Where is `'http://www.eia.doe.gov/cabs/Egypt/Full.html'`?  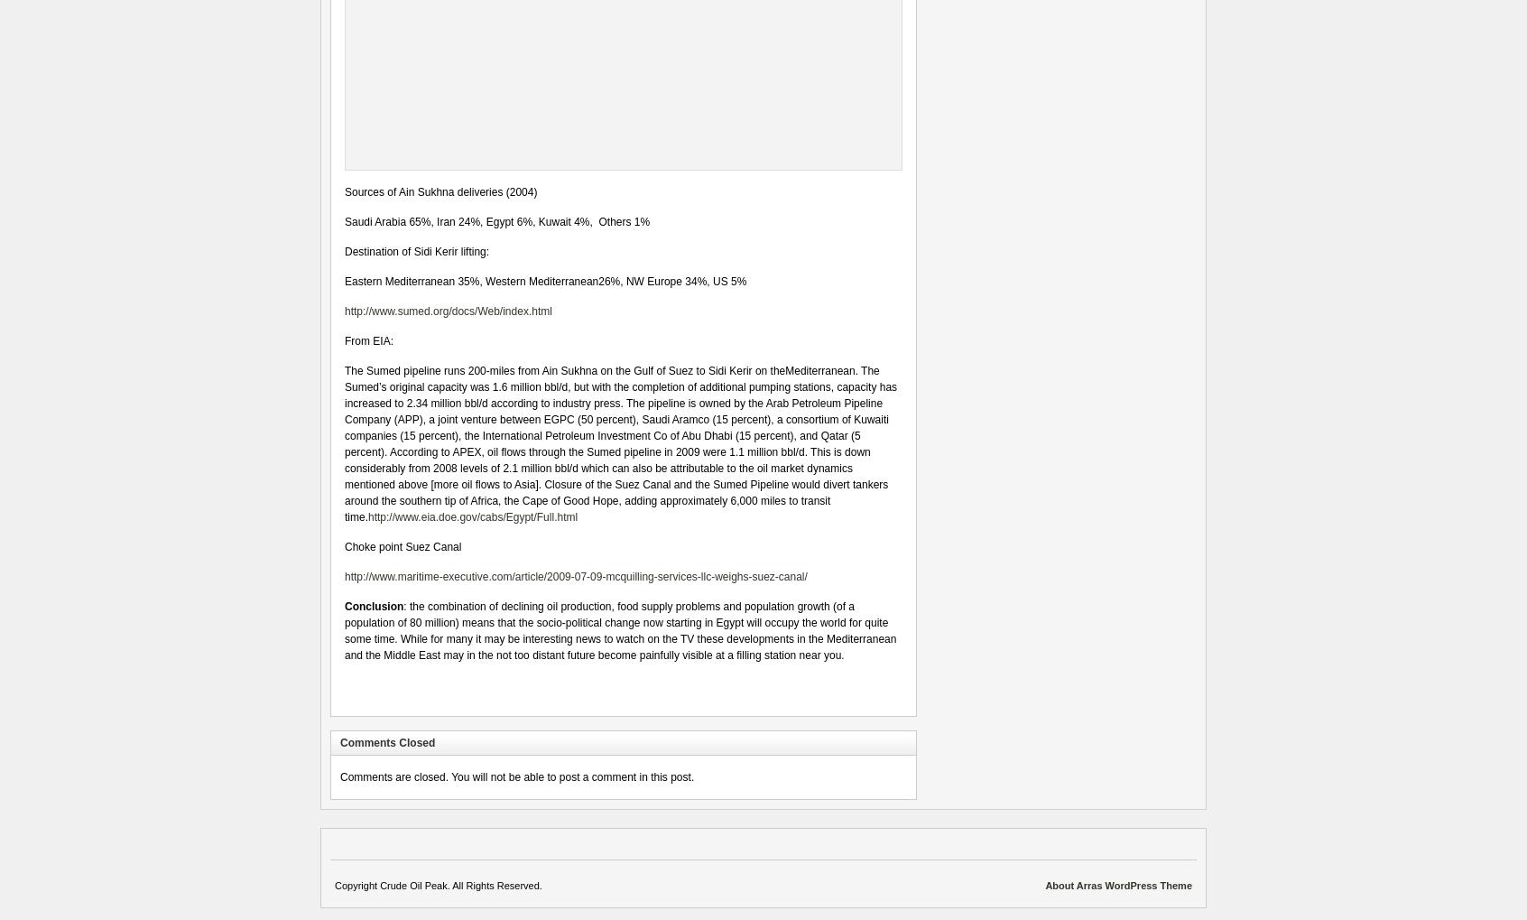
'http://www.eia.doe.gov/cabs/Egypt/Full.html' is located at coordinates (473, 516).